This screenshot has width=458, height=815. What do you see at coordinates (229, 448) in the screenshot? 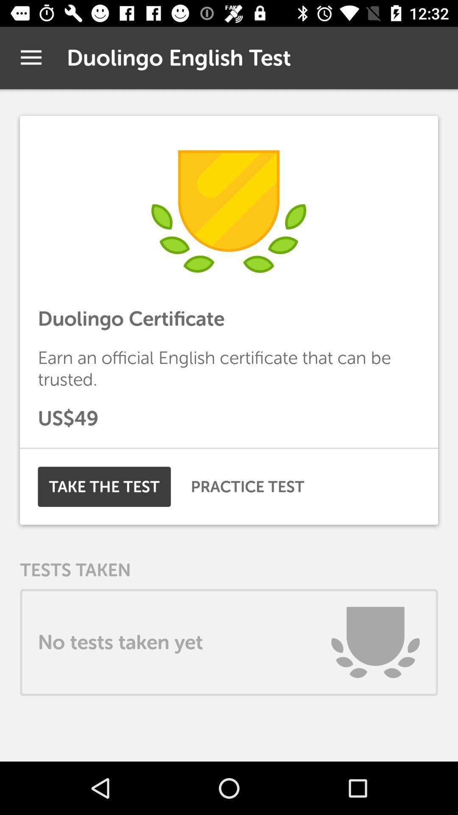
I see `icon above the take the test item` at bounding box center [229, 448].